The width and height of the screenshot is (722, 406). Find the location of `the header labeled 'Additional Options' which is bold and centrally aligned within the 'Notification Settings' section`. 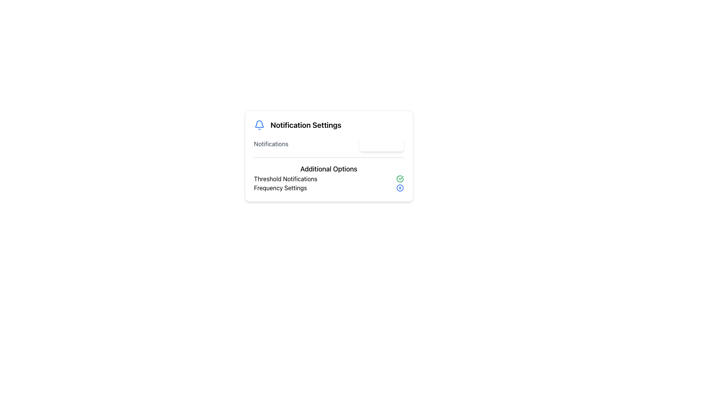

the header labeled 'Additional Options' which is bold and centrally aligned within the 'Notification Settings' section is located at coordinates (329, 169).